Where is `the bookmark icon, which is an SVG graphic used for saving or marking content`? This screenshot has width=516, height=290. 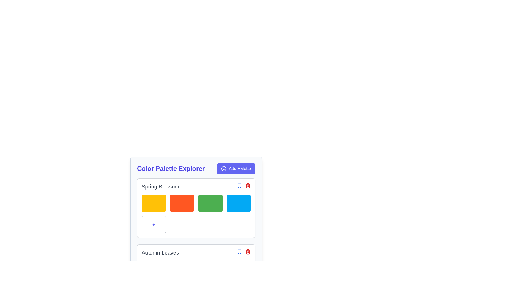 the bookmark icon, which is an SVG graphic used for saving or marking content is located at coordinates (239, 185).